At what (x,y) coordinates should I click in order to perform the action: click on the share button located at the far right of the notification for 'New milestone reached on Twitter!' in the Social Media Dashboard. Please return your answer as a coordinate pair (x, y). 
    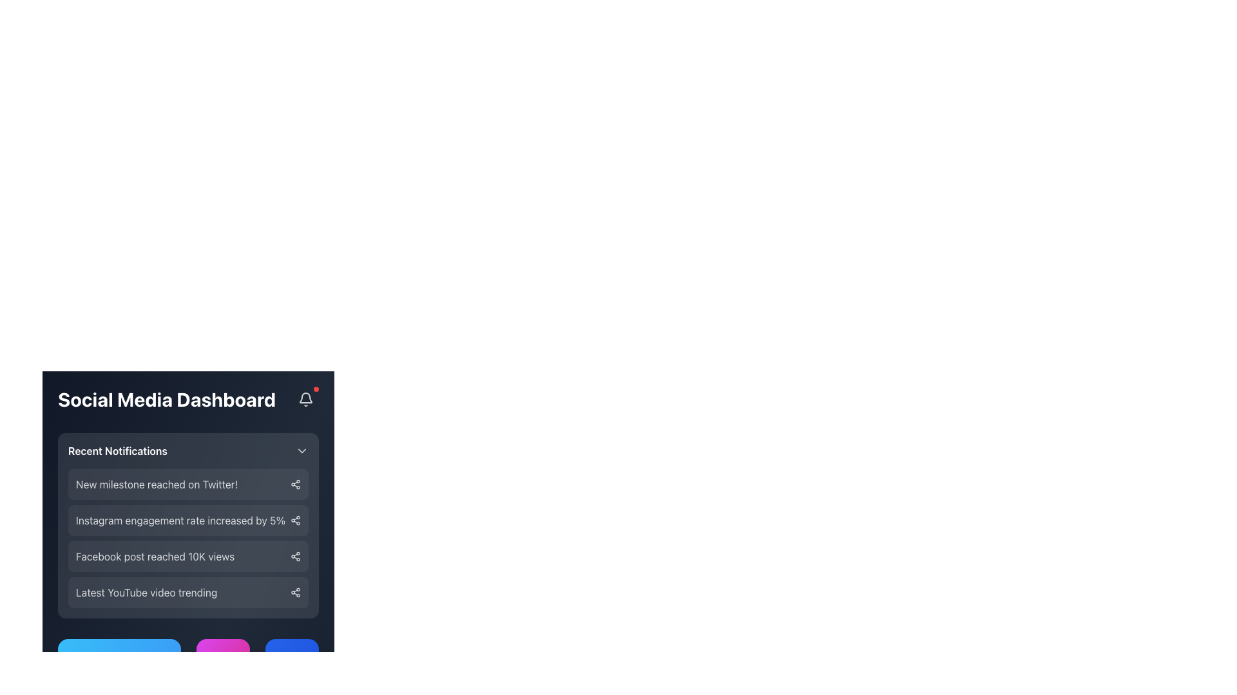
    Looking at the image, I should click on (295, 484).